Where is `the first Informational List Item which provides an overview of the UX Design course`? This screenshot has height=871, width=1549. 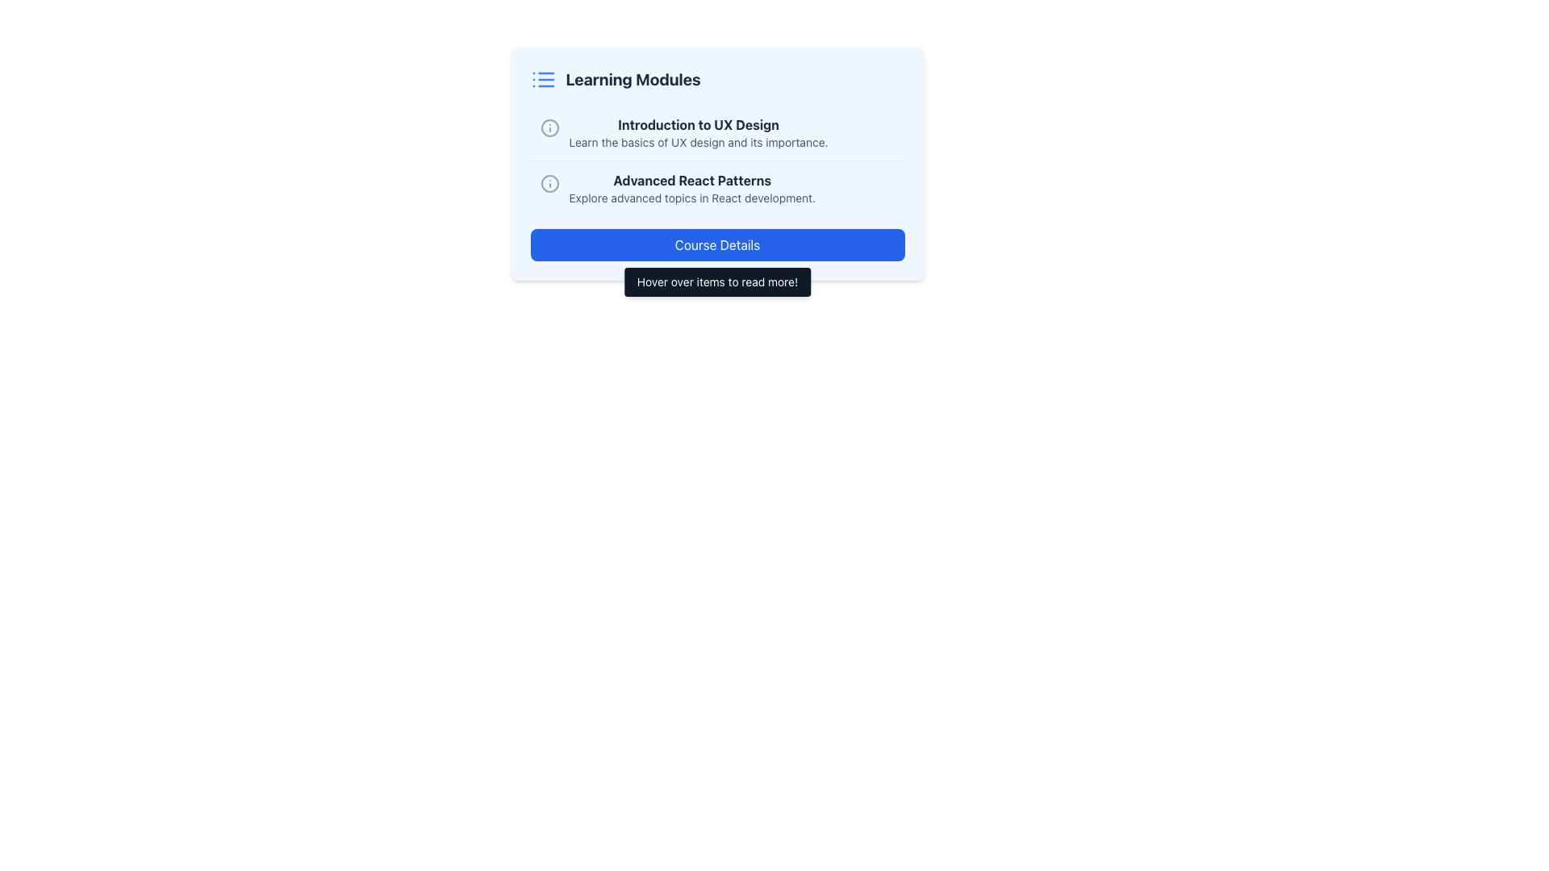
the first Informational List Item which provides an overview of the UX Design course is located at coordinates (716, 132).